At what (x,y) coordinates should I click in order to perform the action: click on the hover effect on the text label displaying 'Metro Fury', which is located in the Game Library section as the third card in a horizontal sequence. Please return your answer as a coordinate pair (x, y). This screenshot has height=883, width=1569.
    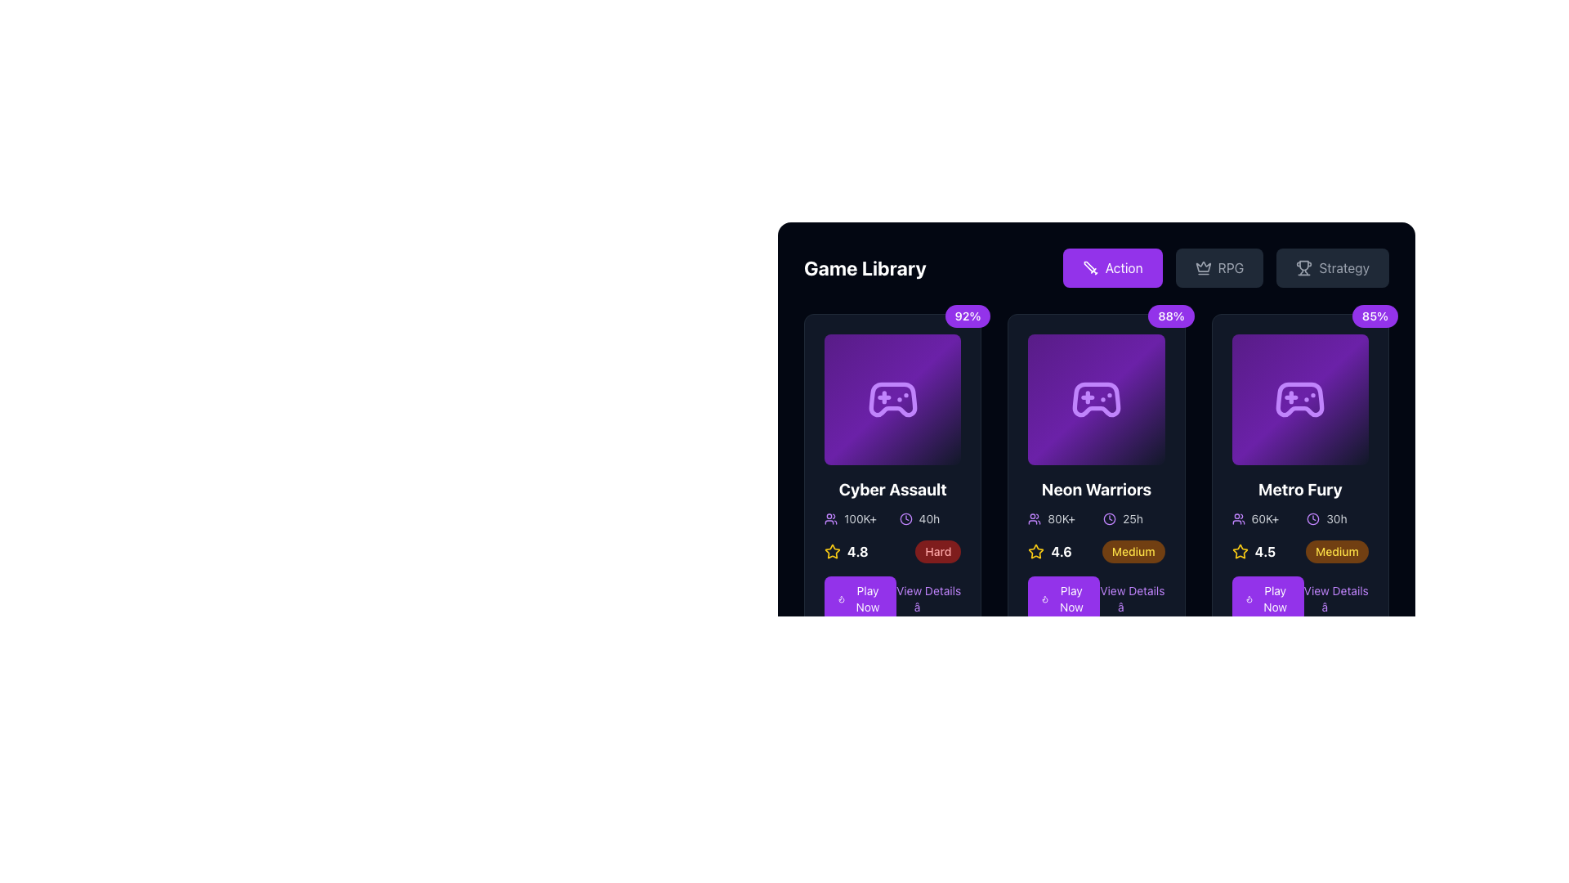
    Looking at the image, I should click on (1299, 488).